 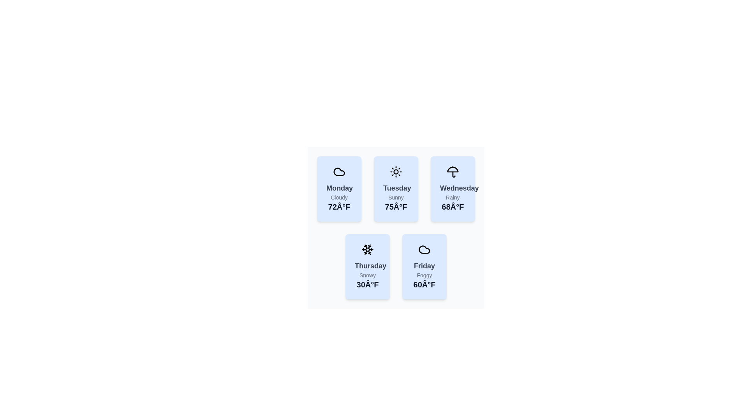 What do you see at coordinates (424, 249) in the screenshot?
I see `the weather icon resembling a cloud` at bounding box center [424, 249].